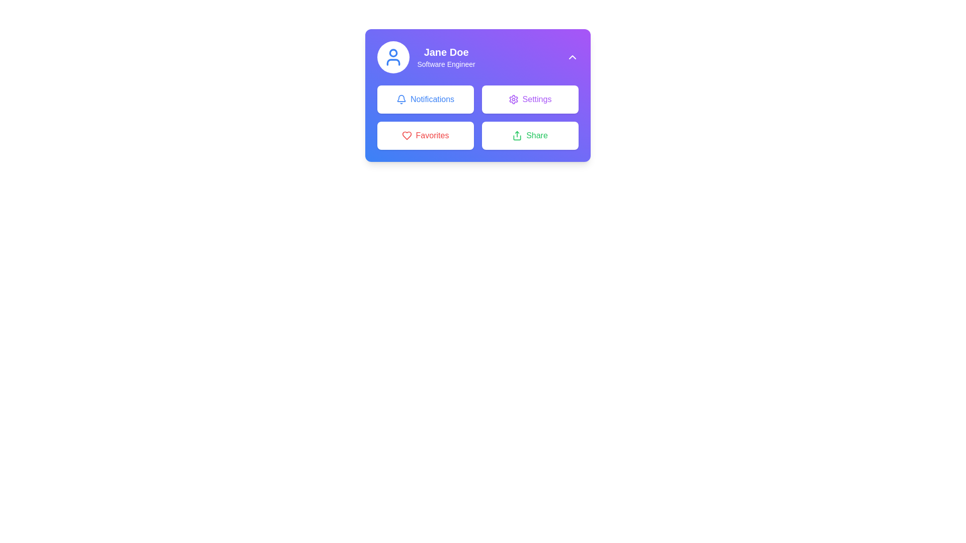 The width and height of the screenshot is (966, 543). Describe the element at coordinates (400, 99) in the screenshot. I see `the bell icon within the 'Notifications' button` at that location.